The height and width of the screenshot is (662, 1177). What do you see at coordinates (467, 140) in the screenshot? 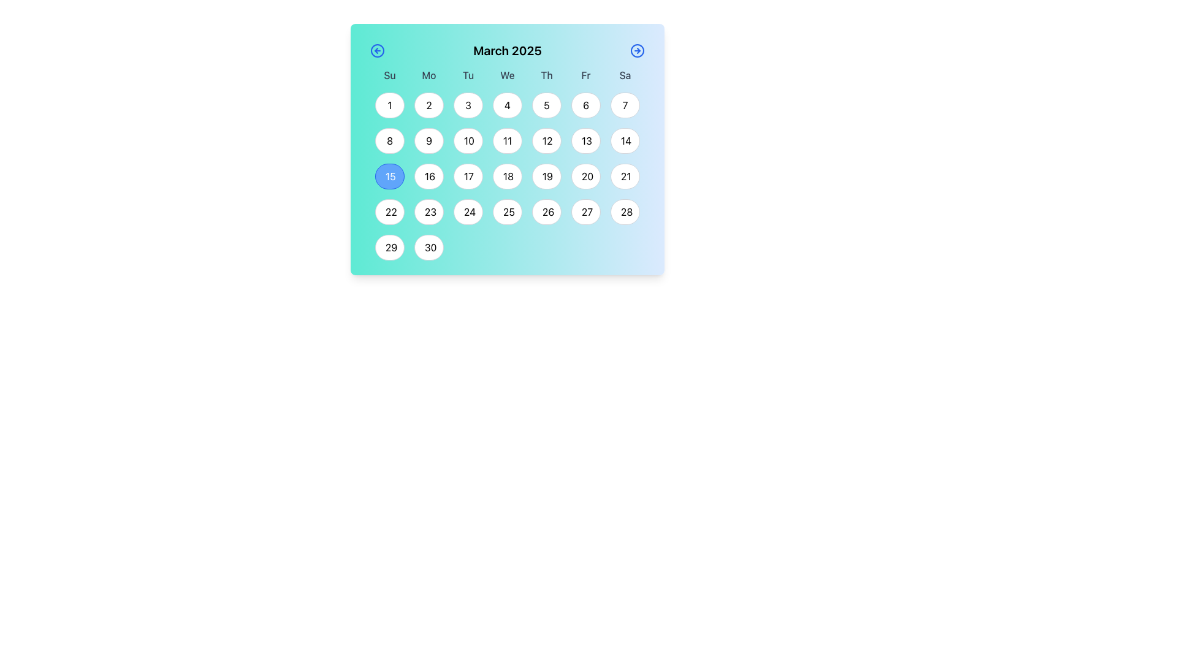
I see `the date selector button for March 10, 2025` at bounding box center [467, 140].